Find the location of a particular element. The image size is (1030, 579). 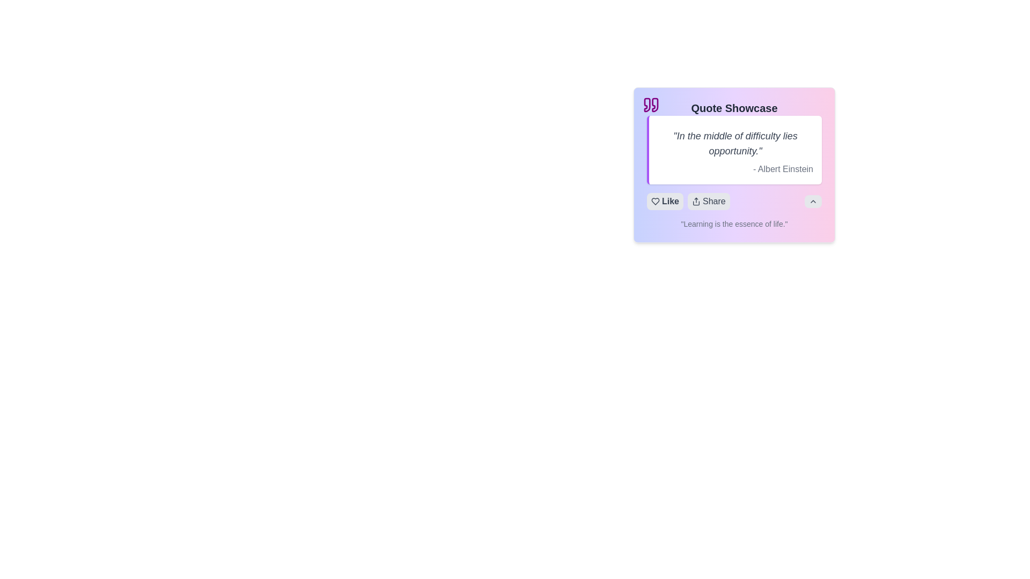

the second quotation mark icon, which is a purple, minimalistic SVG element located in the upper-left corner of the 'Quote Showcase' card interface is located at coordinates (654, 105).